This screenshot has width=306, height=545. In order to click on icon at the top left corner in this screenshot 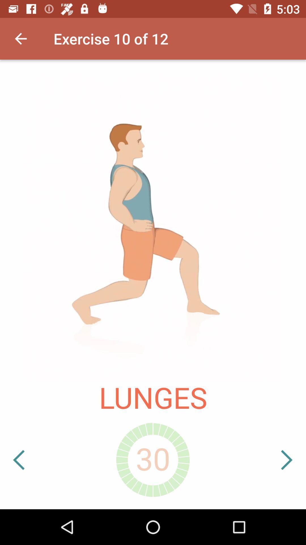, I will do `click(20, 38)`.